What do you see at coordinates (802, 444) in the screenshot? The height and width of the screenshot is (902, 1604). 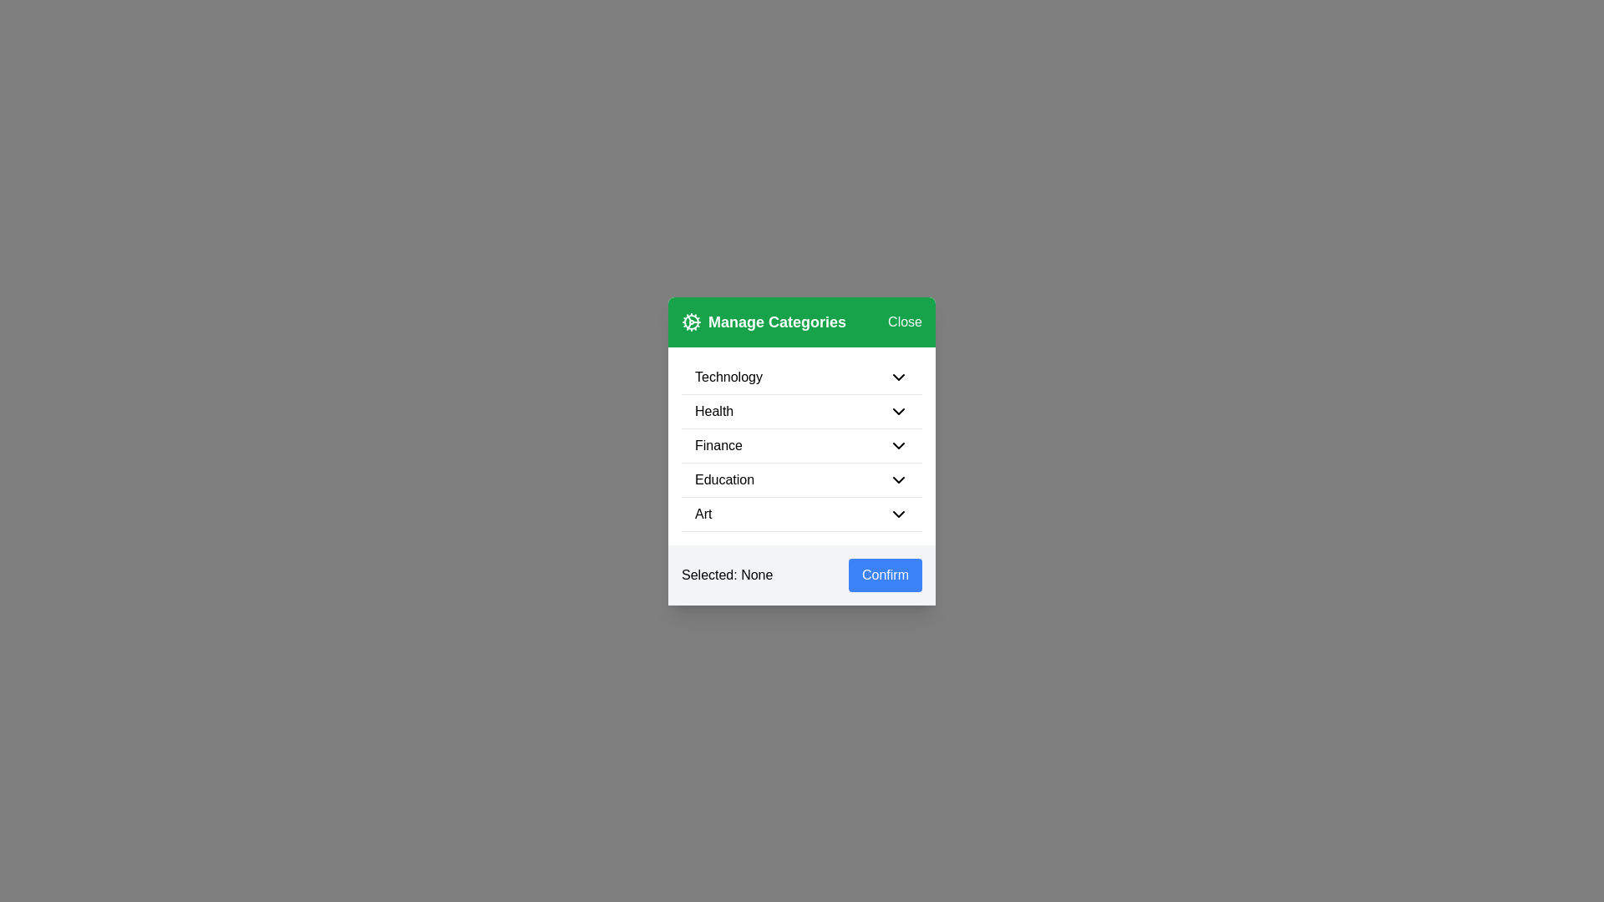 I see `the row corresponding to the category Finance` at bounding box center [802, 444].